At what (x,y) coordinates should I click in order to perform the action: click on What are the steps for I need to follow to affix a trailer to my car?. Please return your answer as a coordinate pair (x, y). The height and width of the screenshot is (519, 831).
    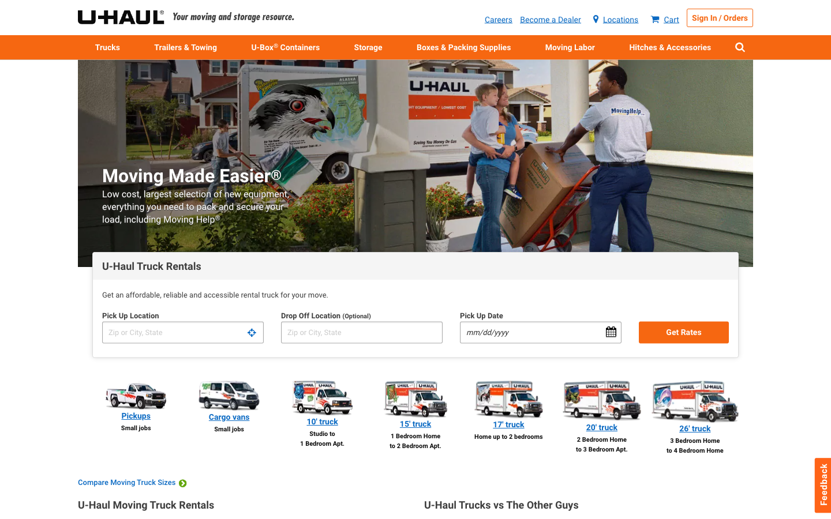
    Looking at the image, I should click on (670, 46).